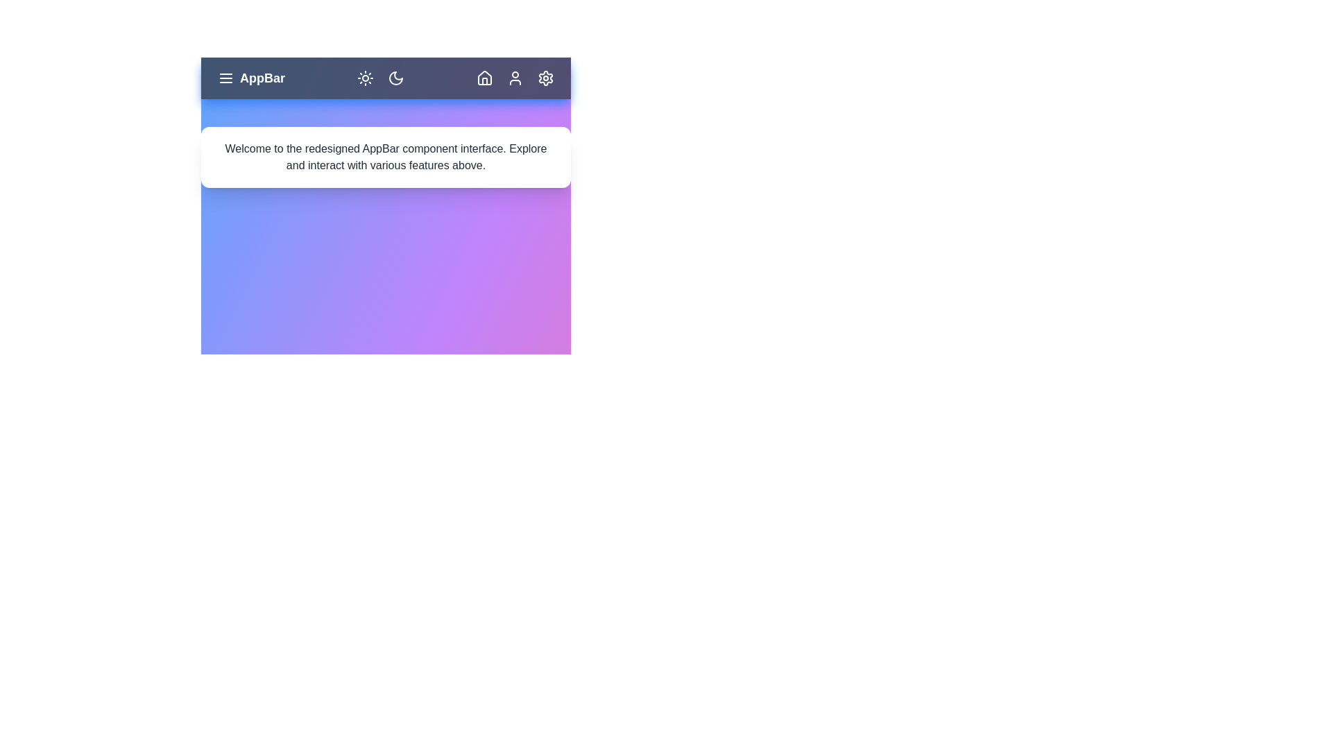 The image size is (1332, 749). What do you see at coordinates (515, 78) in the screenshot?
I see `the user icon to open the user profile settings` at bounding box center [515, 78].